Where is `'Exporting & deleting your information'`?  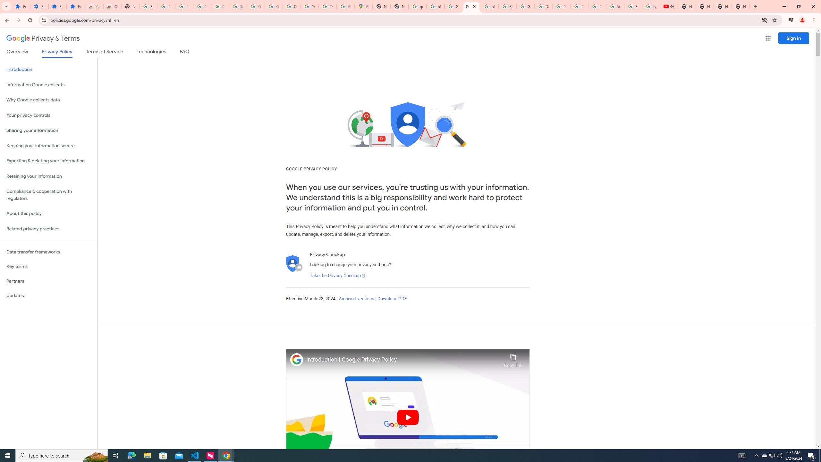 'Exporting & deleting your information' is located at coordinates (48, 161).